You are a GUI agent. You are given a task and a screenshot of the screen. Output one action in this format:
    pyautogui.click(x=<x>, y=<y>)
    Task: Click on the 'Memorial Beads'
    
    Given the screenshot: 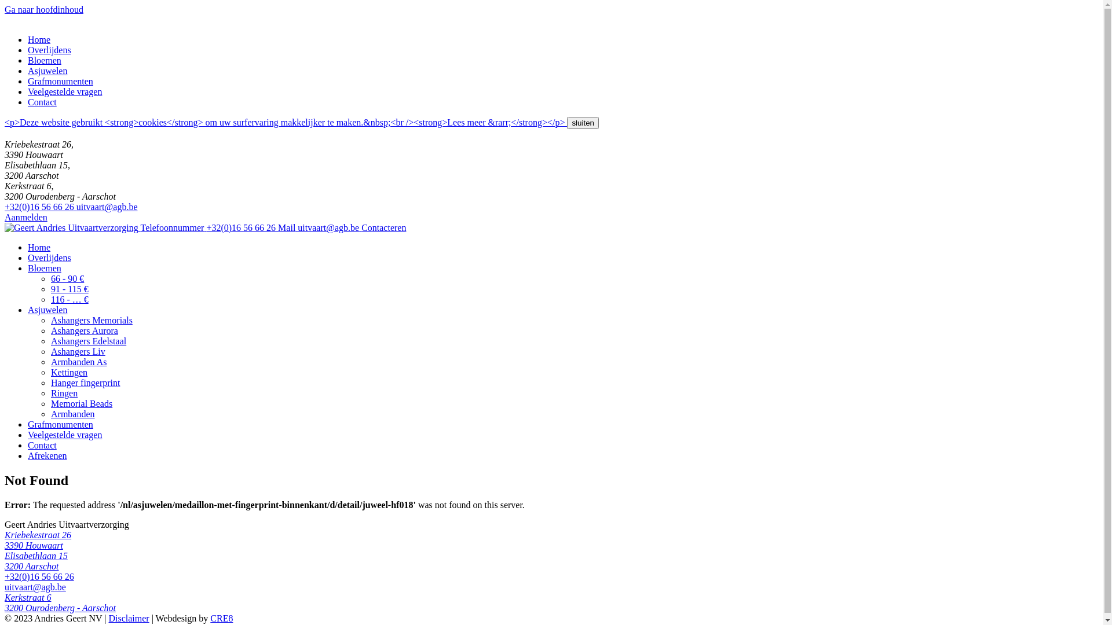 What is the action you would take?
    pyautogui.click(x=50, y=403)
    